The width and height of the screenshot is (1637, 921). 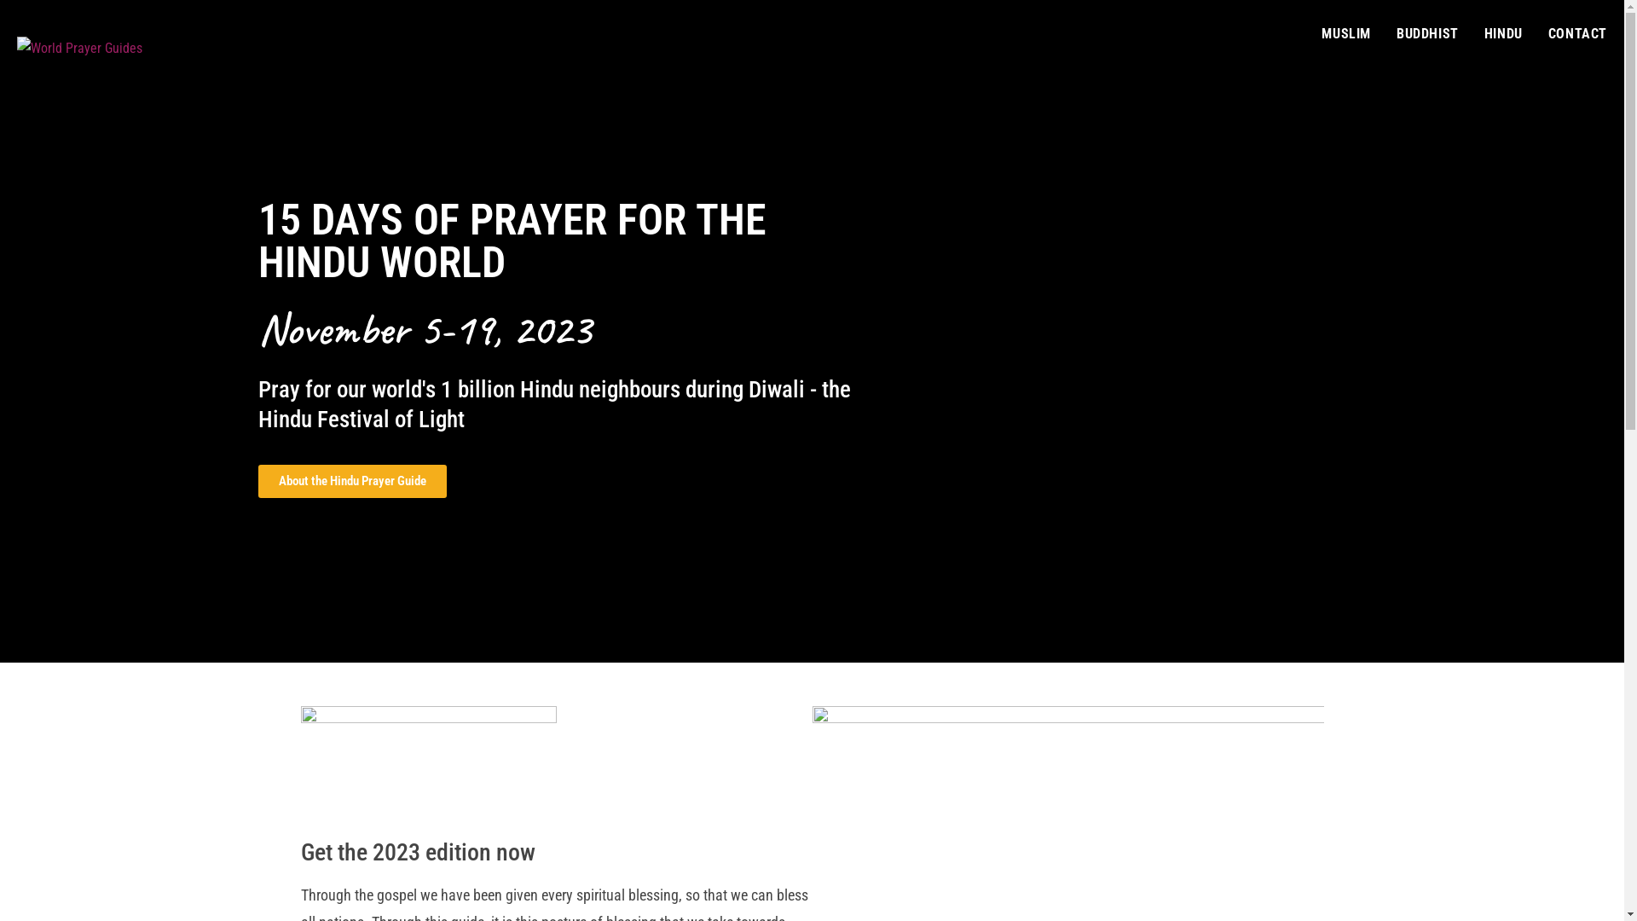 What do you see at coordinates (1427, 33) in the screenshot?
I see `'BUDDHIST'` at bounding box center [1427, 33].